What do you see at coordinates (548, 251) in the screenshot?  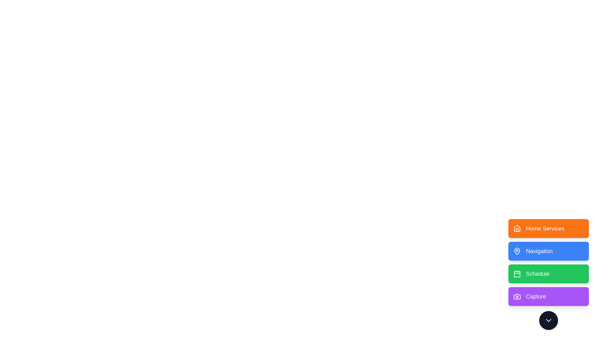 I see `the 'Navigation' button` at bounding box center [548, 251].